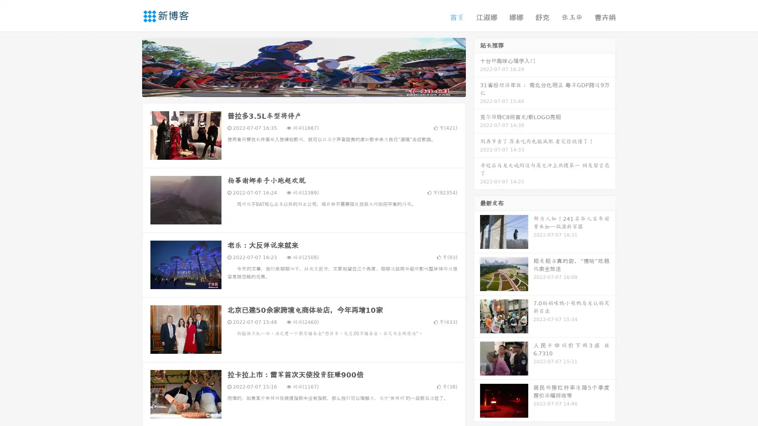 Image resolution: width=758 pixels, height=426 pixels. Describe the element at coordinates (130, 66) in the screenshot. I see `Previous slide` at that location.